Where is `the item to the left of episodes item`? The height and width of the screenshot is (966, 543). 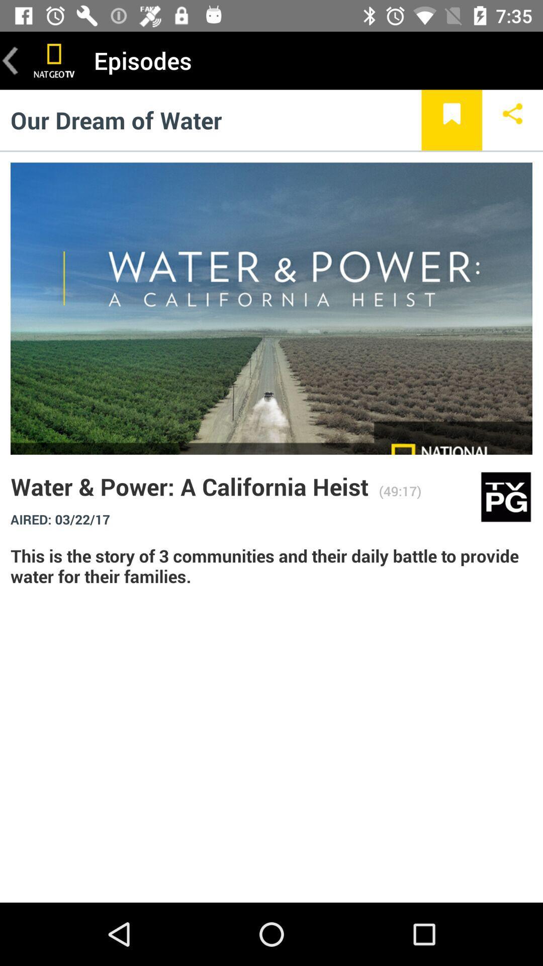
the item to the left of episodes item is located at coordinates (54, 60).